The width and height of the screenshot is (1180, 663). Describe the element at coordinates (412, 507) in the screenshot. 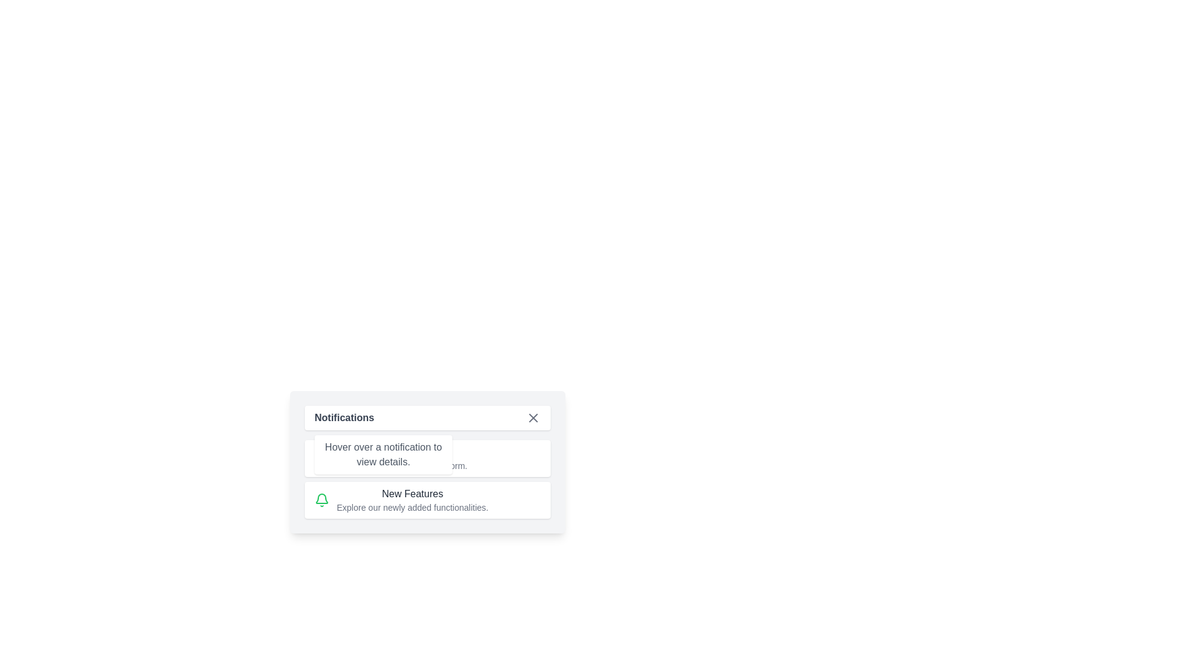

I see `text element displaying the phrase 'Explore our newly added functionalities.' which is styled in a smaller font size with a light gray color and positioned below the bold title 'New Features'` at that location.